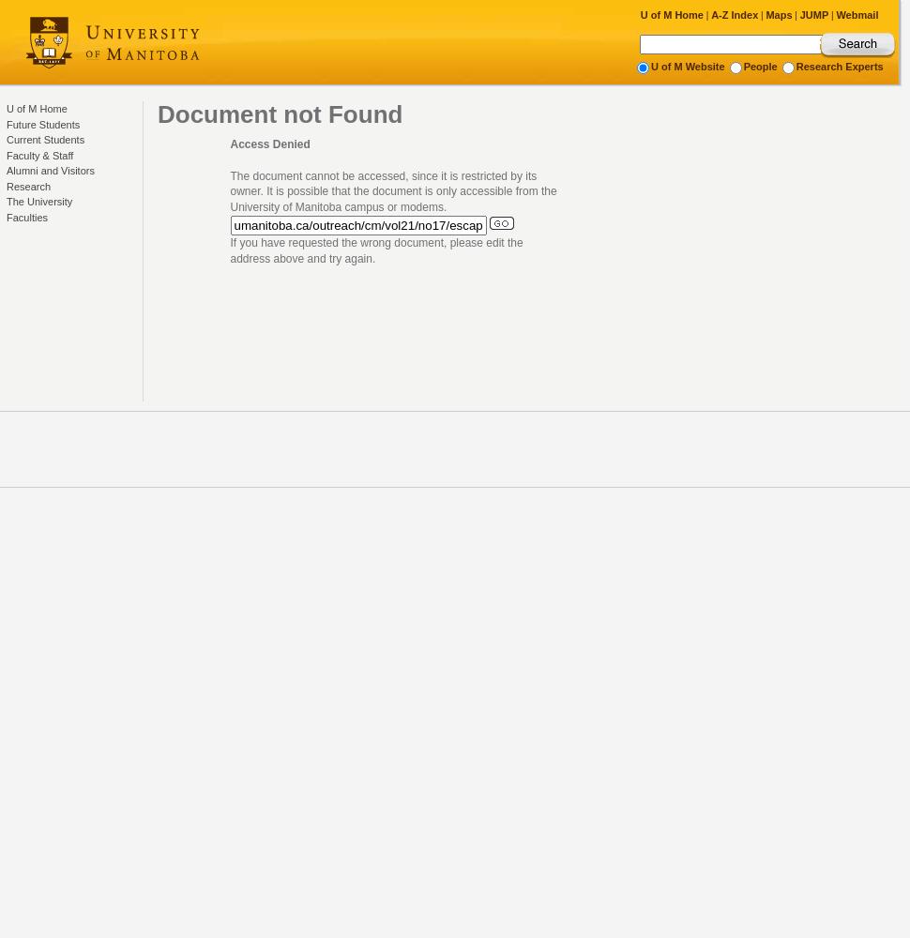 The height and width of the screenshot is (938, 910). I want to click on 'If you have requested the wrong document, please edit the address above and
      try again.', so click(375, 250).